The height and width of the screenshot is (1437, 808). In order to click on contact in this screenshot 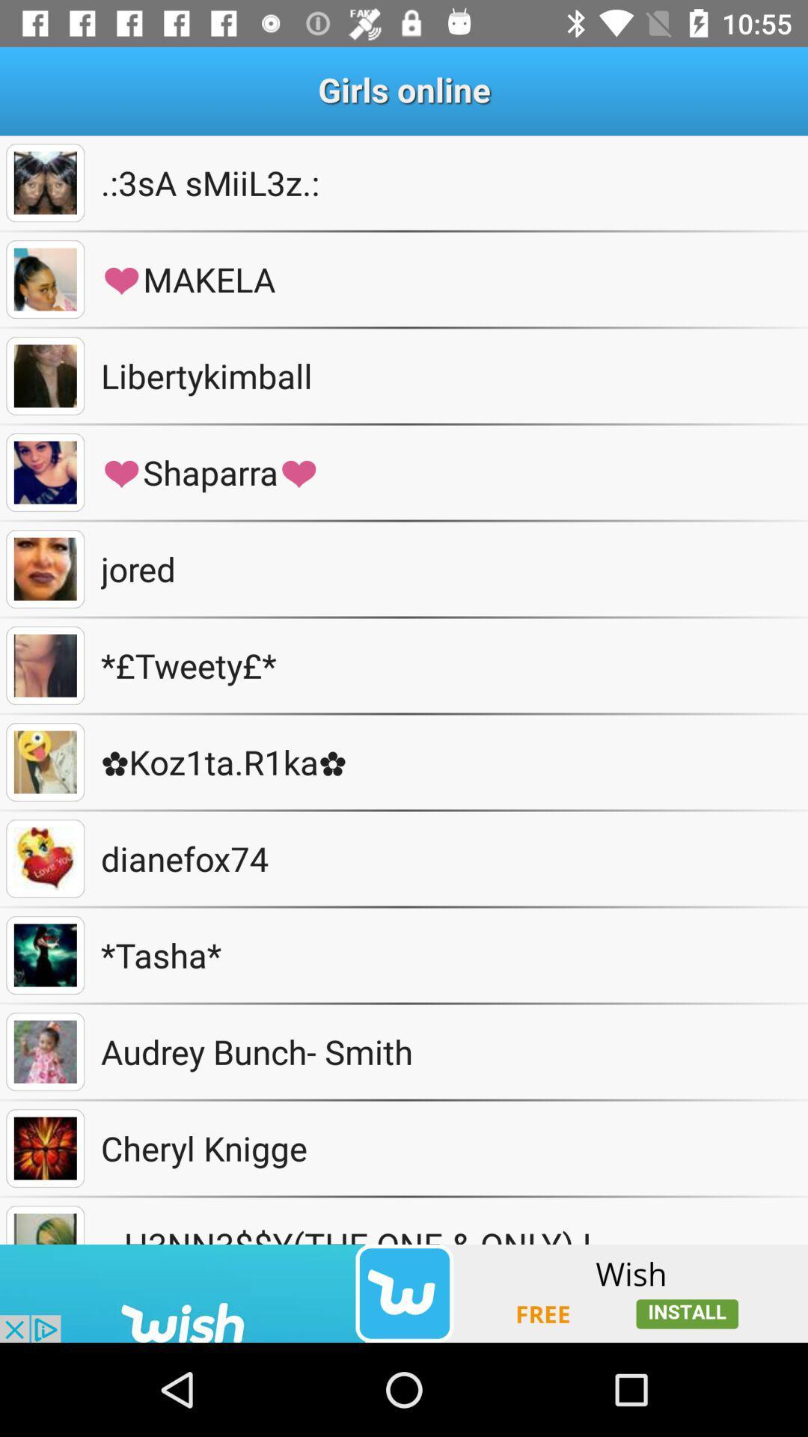, I will do `click(44, 182)`.